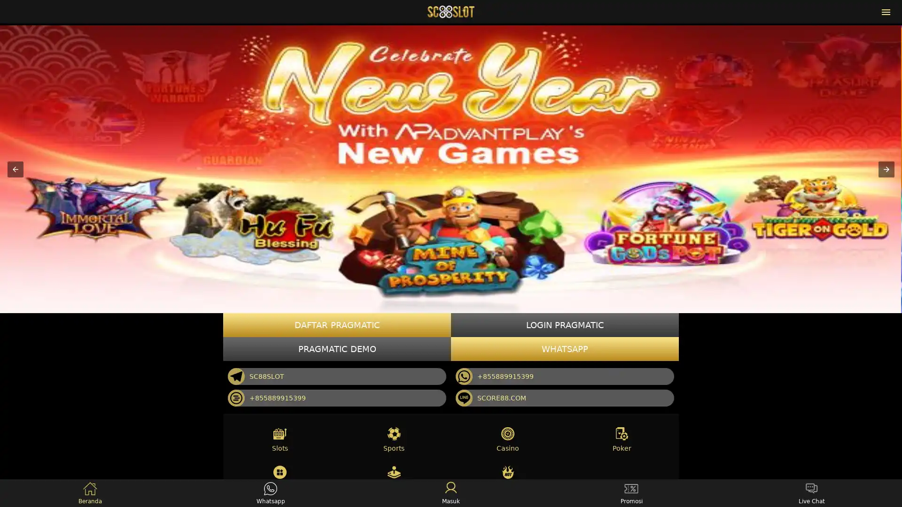 The width and height of the screenshot is (902, 507). I want to click on Previous item in carousel (2 of 3), so click(16, 168).